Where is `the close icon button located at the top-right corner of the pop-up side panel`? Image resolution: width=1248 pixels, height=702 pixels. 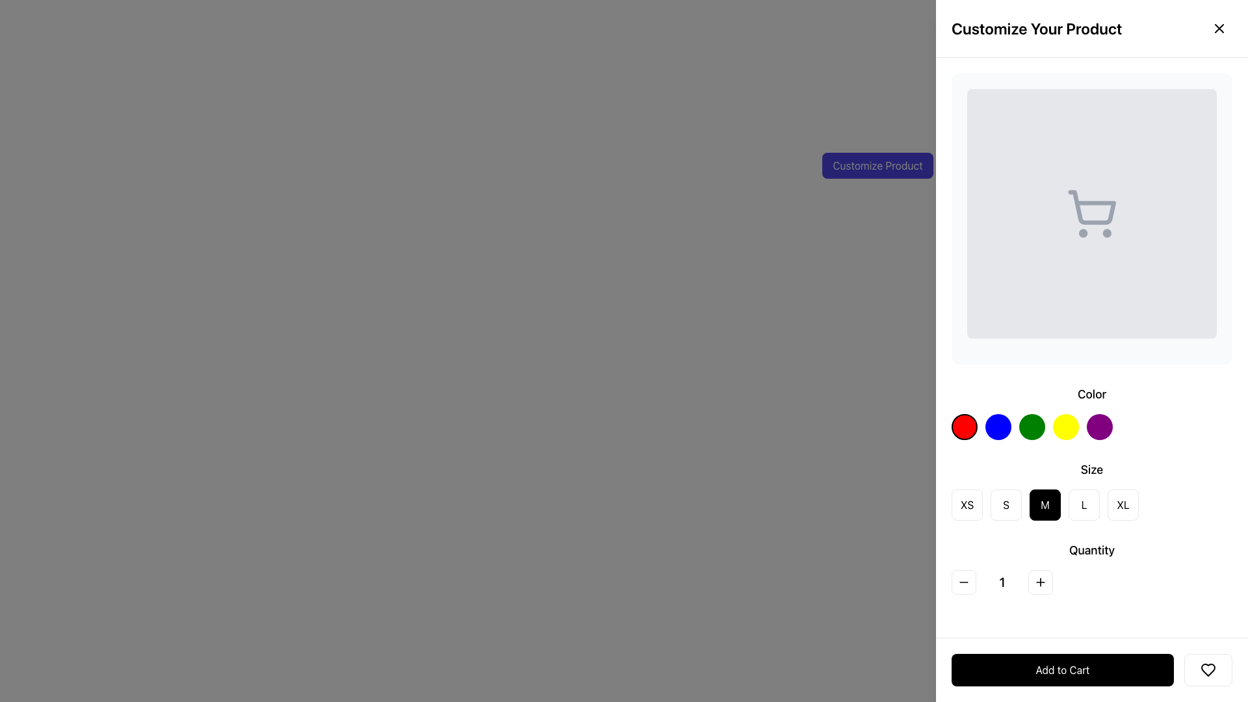
the close icon button located at the top-right corner of the pop-up side panel is located at coordinates (1219, 28).